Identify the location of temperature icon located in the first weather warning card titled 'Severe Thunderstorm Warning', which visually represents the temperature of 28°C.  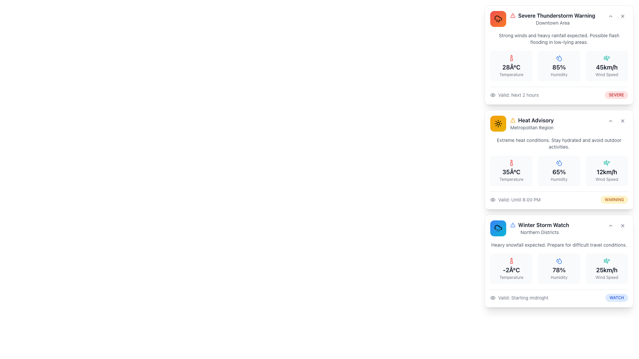
(511, 58).